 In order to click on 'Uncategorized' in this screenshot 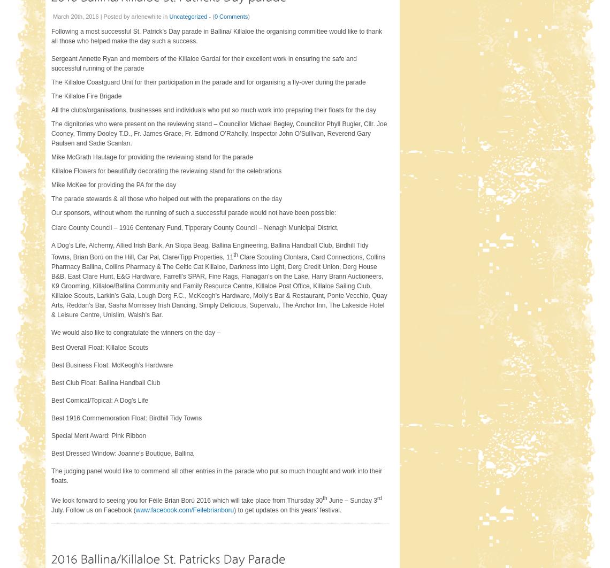, I will do `click(169, 16)`.